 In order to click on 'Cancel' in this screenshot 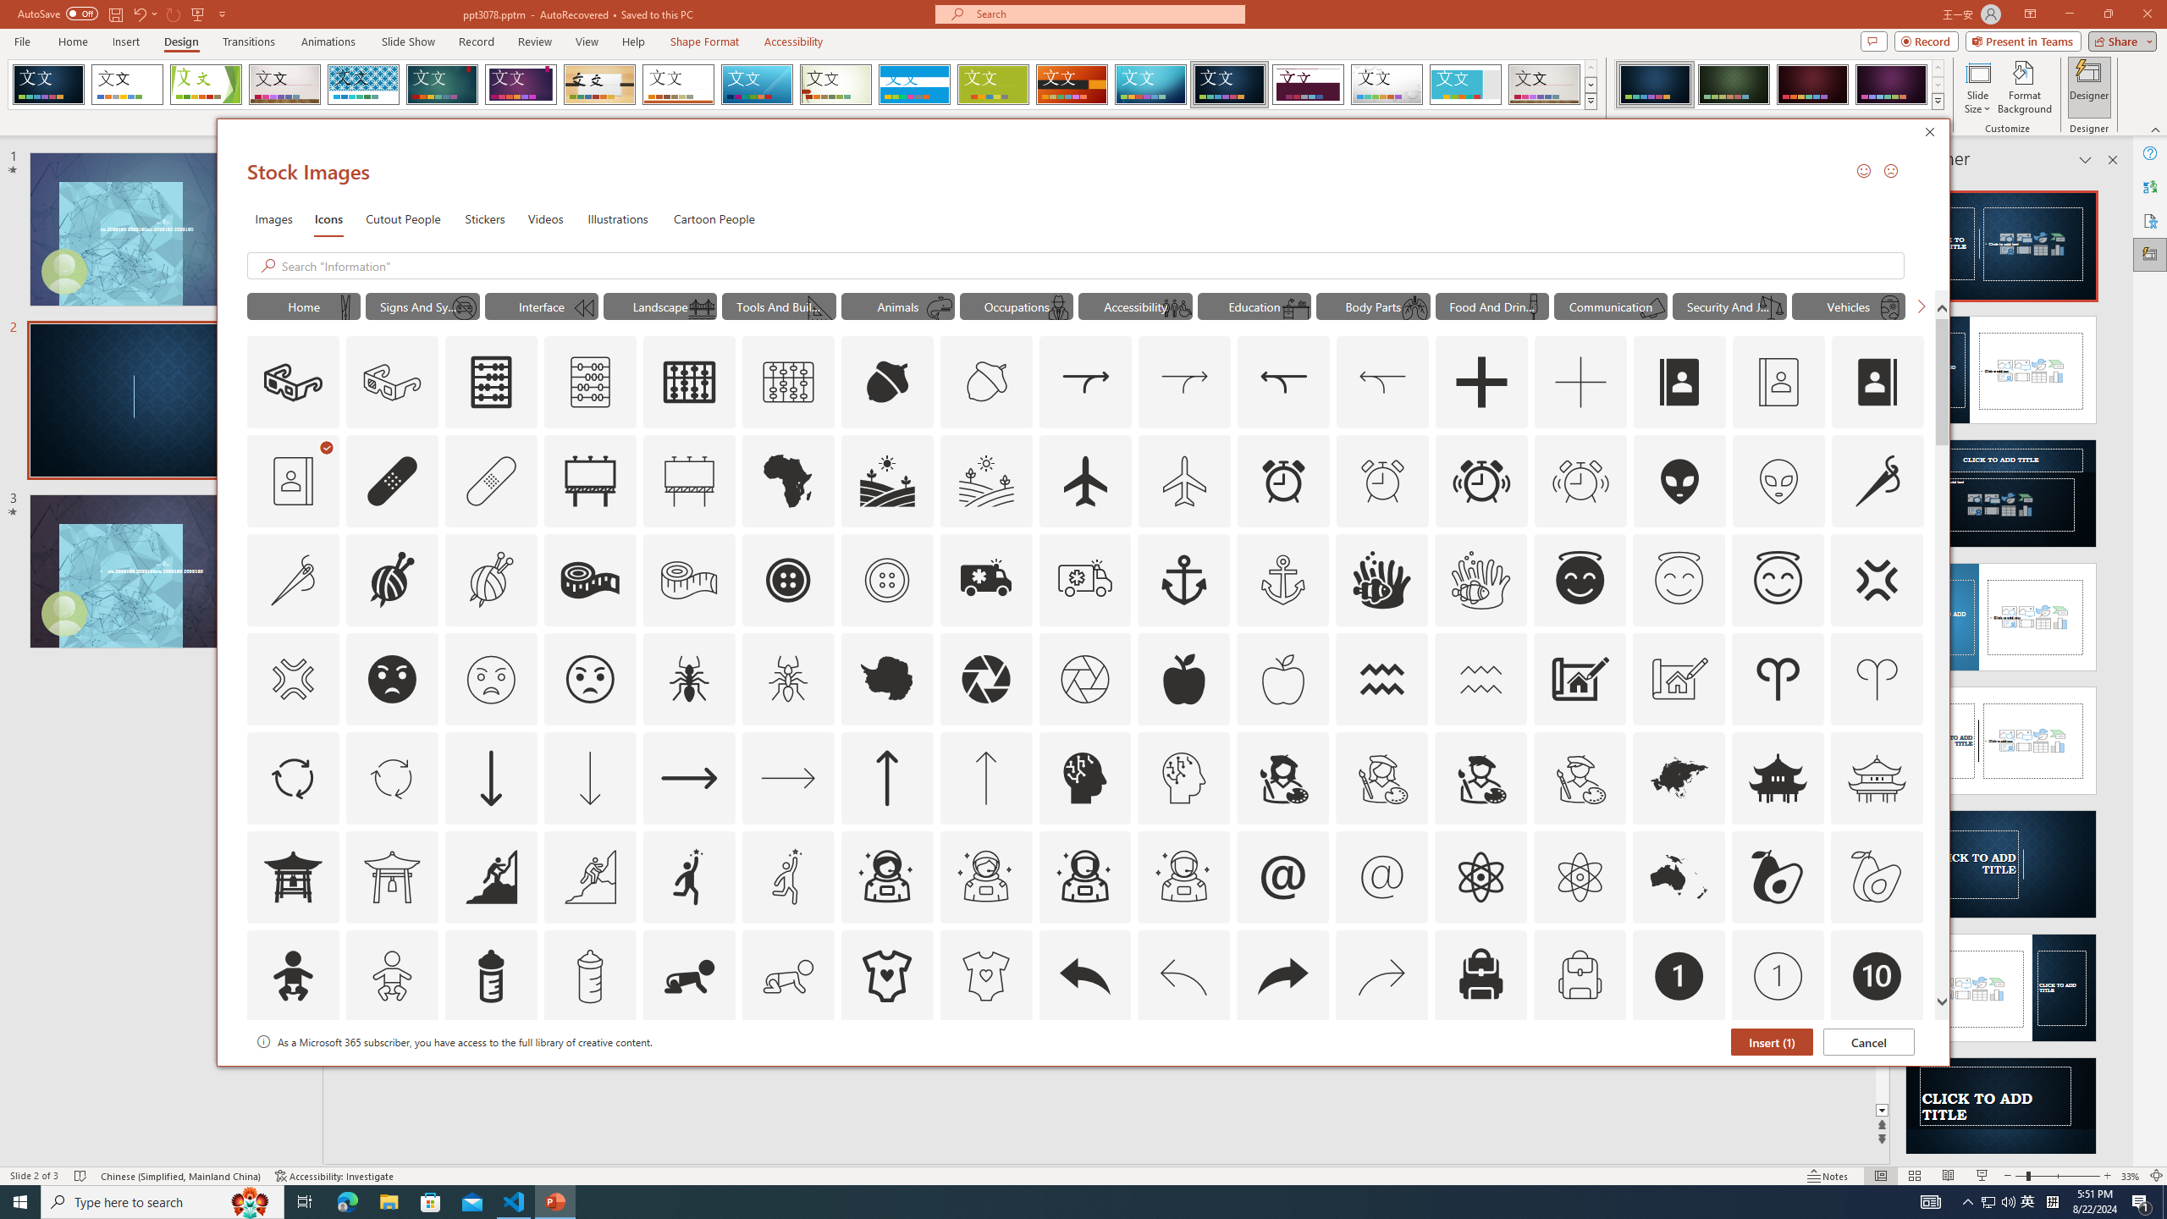, I will do `click(1869, 1041)`.